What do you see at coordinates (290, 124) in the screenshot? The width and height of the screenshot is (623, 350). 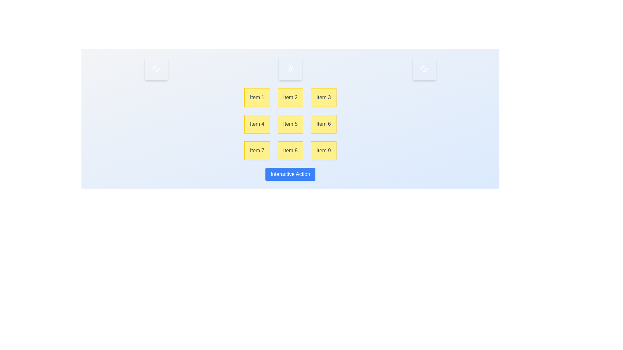 I see `the text label located at the center of the 3x3 grid layout, which serves as an identifier within the grid` at bounding box center [290, 124].